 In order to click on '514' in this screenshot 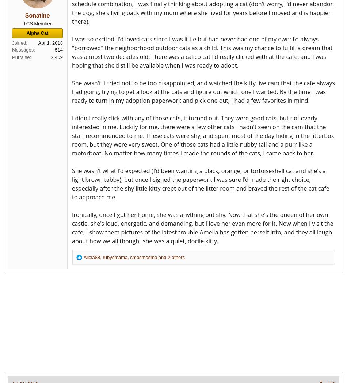, I will do `click(55, 49)`.